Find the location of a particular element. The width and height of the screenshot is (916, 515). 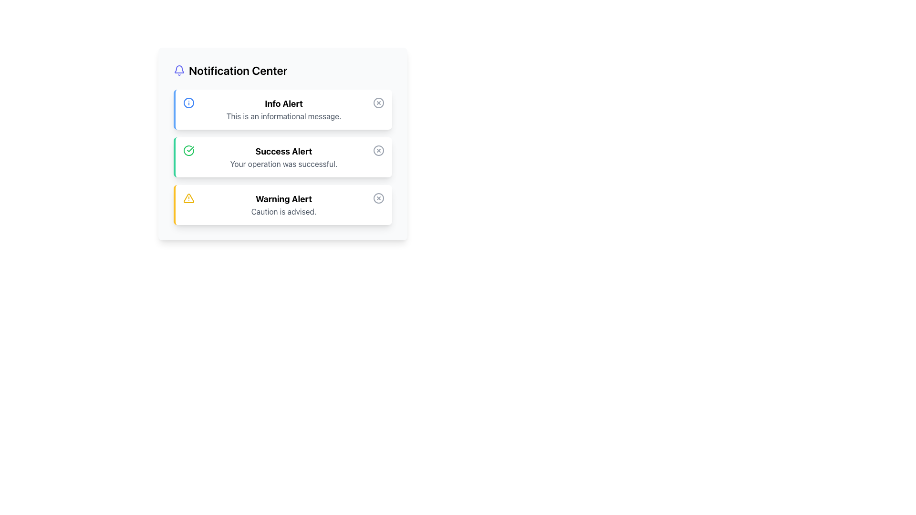

the small green checkmark icon inside the circular border of the 'Success Alert' card located in the Notification Center is located at coordinates (190, 149).